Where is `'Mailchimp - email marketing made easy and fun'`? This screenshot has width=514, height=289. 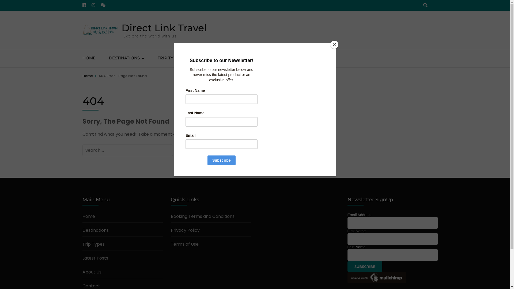
'Mailchimp - email marketing made easy and fun' is located at coordinates (347, 282).